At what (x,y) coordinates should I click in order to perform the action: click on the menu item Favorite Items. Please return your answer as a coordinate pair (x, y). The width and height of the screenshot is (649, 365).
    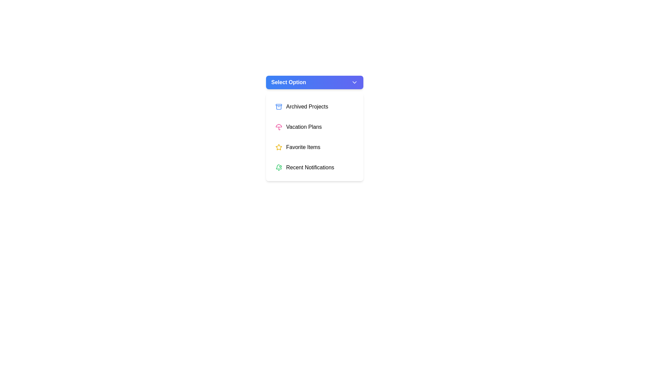
    Looking at the image, I should click on (314, 147).